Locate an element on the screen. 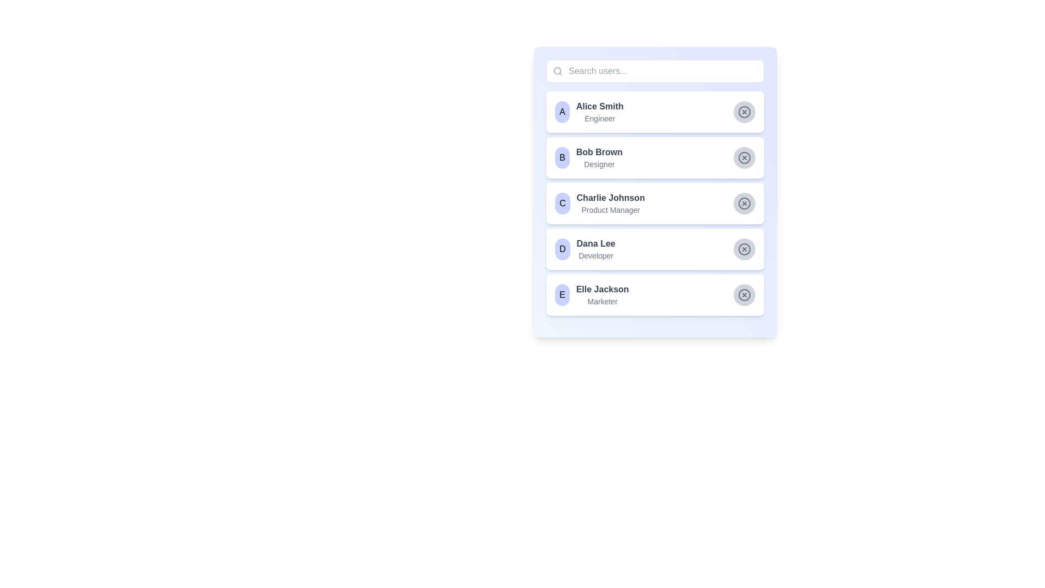  the circular icon resembling a 'close' or 'remove' button located at the top-right corner of the card labeled 'Alice Smith, Engineer' is located at coordinates (744, 112).